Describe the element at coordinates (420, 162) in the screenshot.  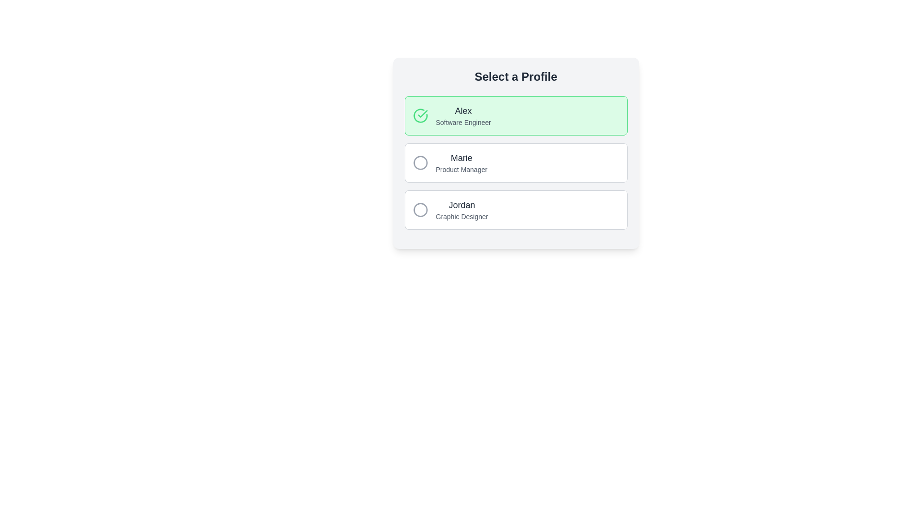
I see `the icon representing the profile labeled 'Marie, Product Manager' within the profile selection list` at that location.